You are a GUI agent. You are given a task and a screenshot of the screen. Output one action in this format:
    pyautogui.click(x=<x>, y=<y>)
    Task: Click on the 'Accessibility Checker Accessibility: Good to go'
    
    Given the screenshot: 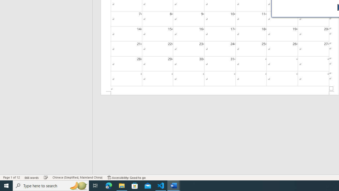 What is the action you would take?
    pyautogui.click(x=126, y=177)
    